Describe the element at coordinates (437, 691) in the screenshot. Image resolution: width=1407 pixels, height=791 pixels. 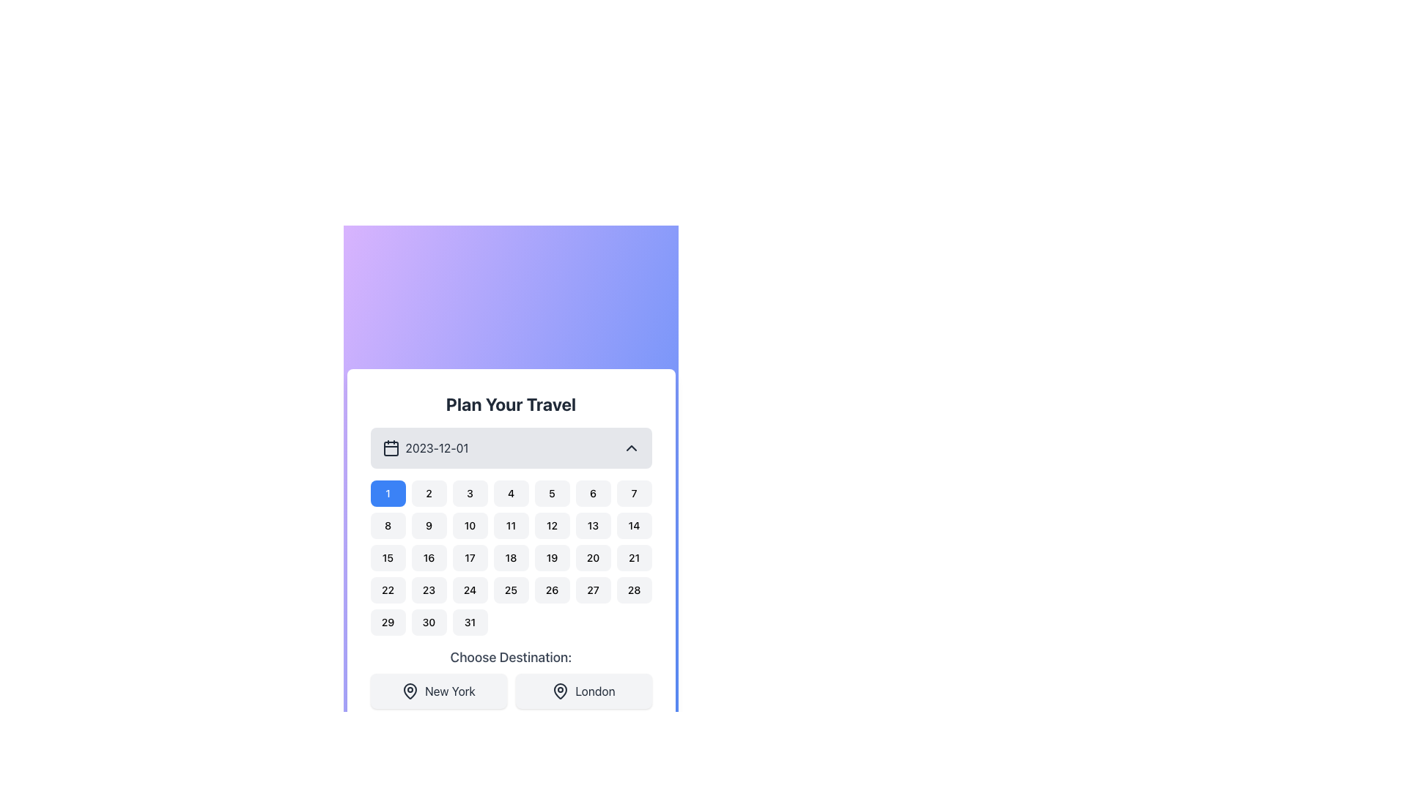
I see `the 'New York' destination button located below the text 'Choose Destination:' by navigating through the keyboard` at that location.